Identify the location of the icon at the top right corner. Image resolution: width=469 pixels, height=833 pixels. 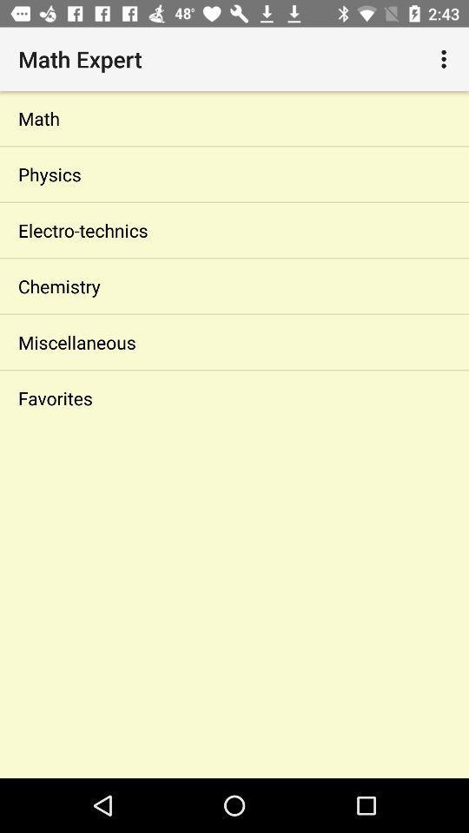
(446, 59).